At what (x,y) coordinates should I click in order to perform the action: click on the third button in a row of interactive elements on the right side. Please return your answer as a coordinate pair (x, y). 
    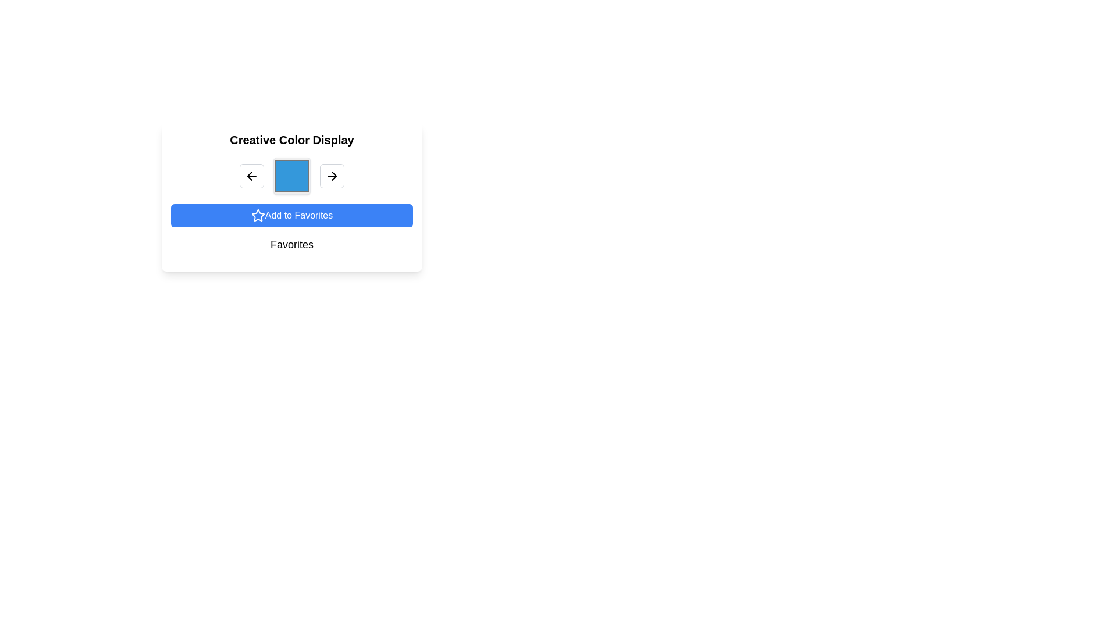
    Looking at the image, I should click on (332, 176).